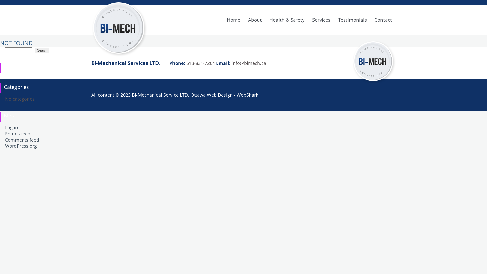 This screenshot has height=274, width=487. I want to click on 'Home', so click(233, 19).